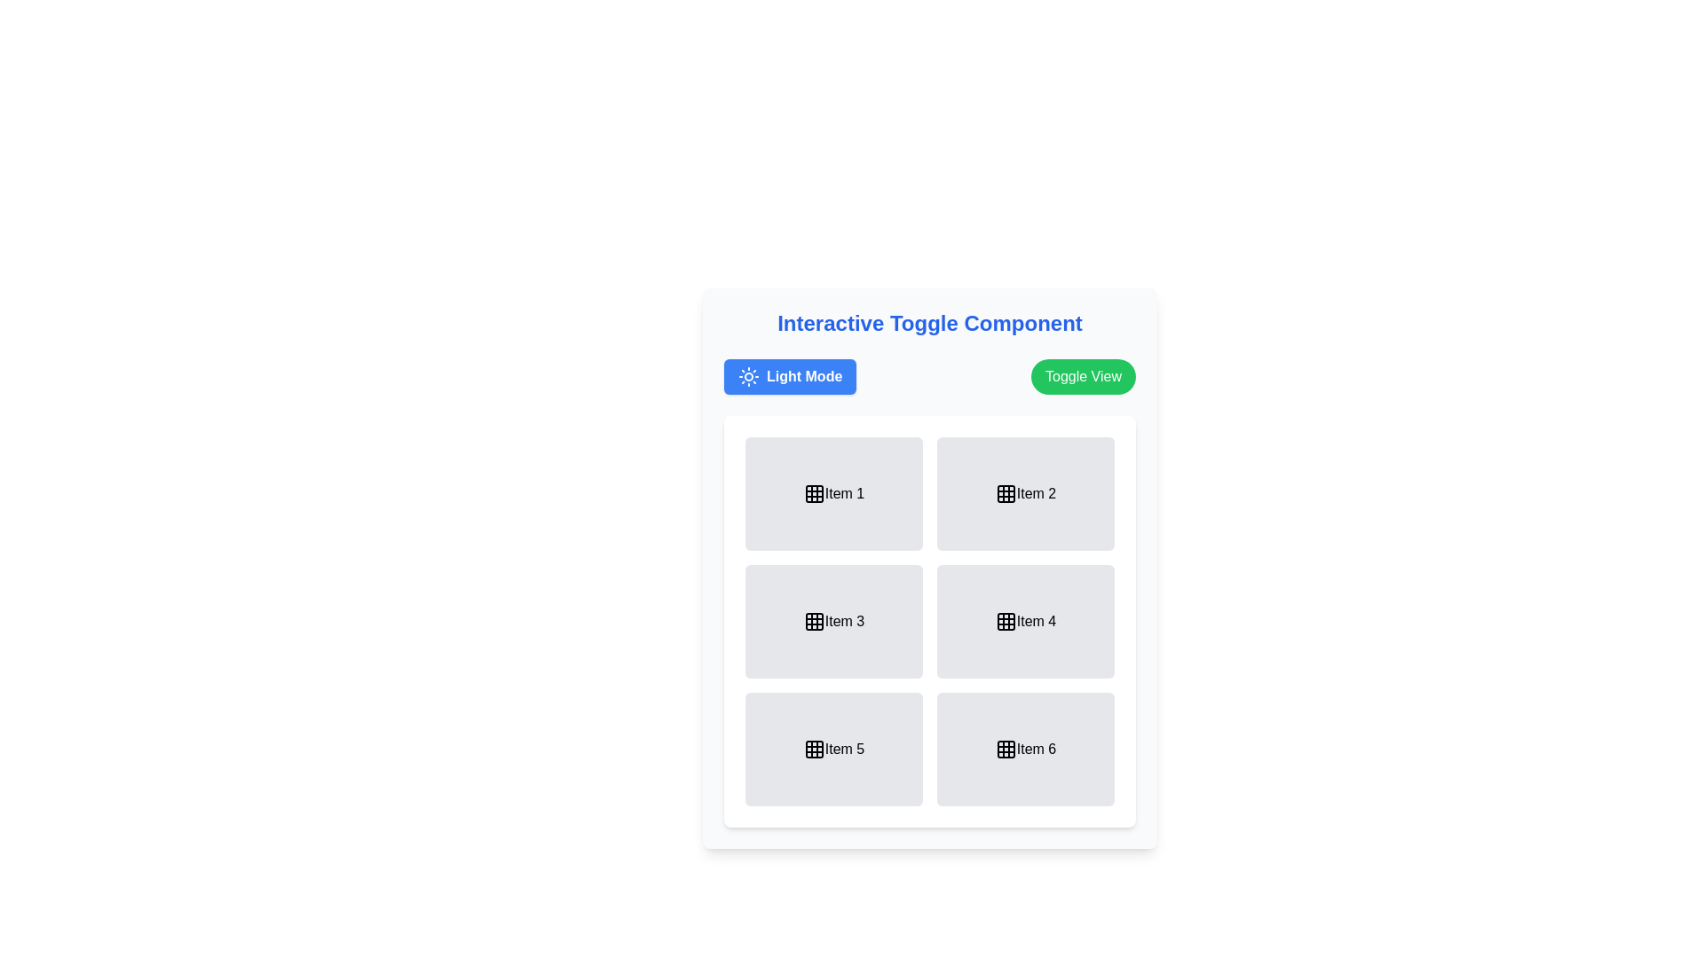 The height and width of the screenshot is (958, 1704). Describe the element at coordinates (833, 621) in the screenshot. I see `the grid item positioned in the second row, first column of the grid layout, which serves as a placeholder or representative block` at that location.